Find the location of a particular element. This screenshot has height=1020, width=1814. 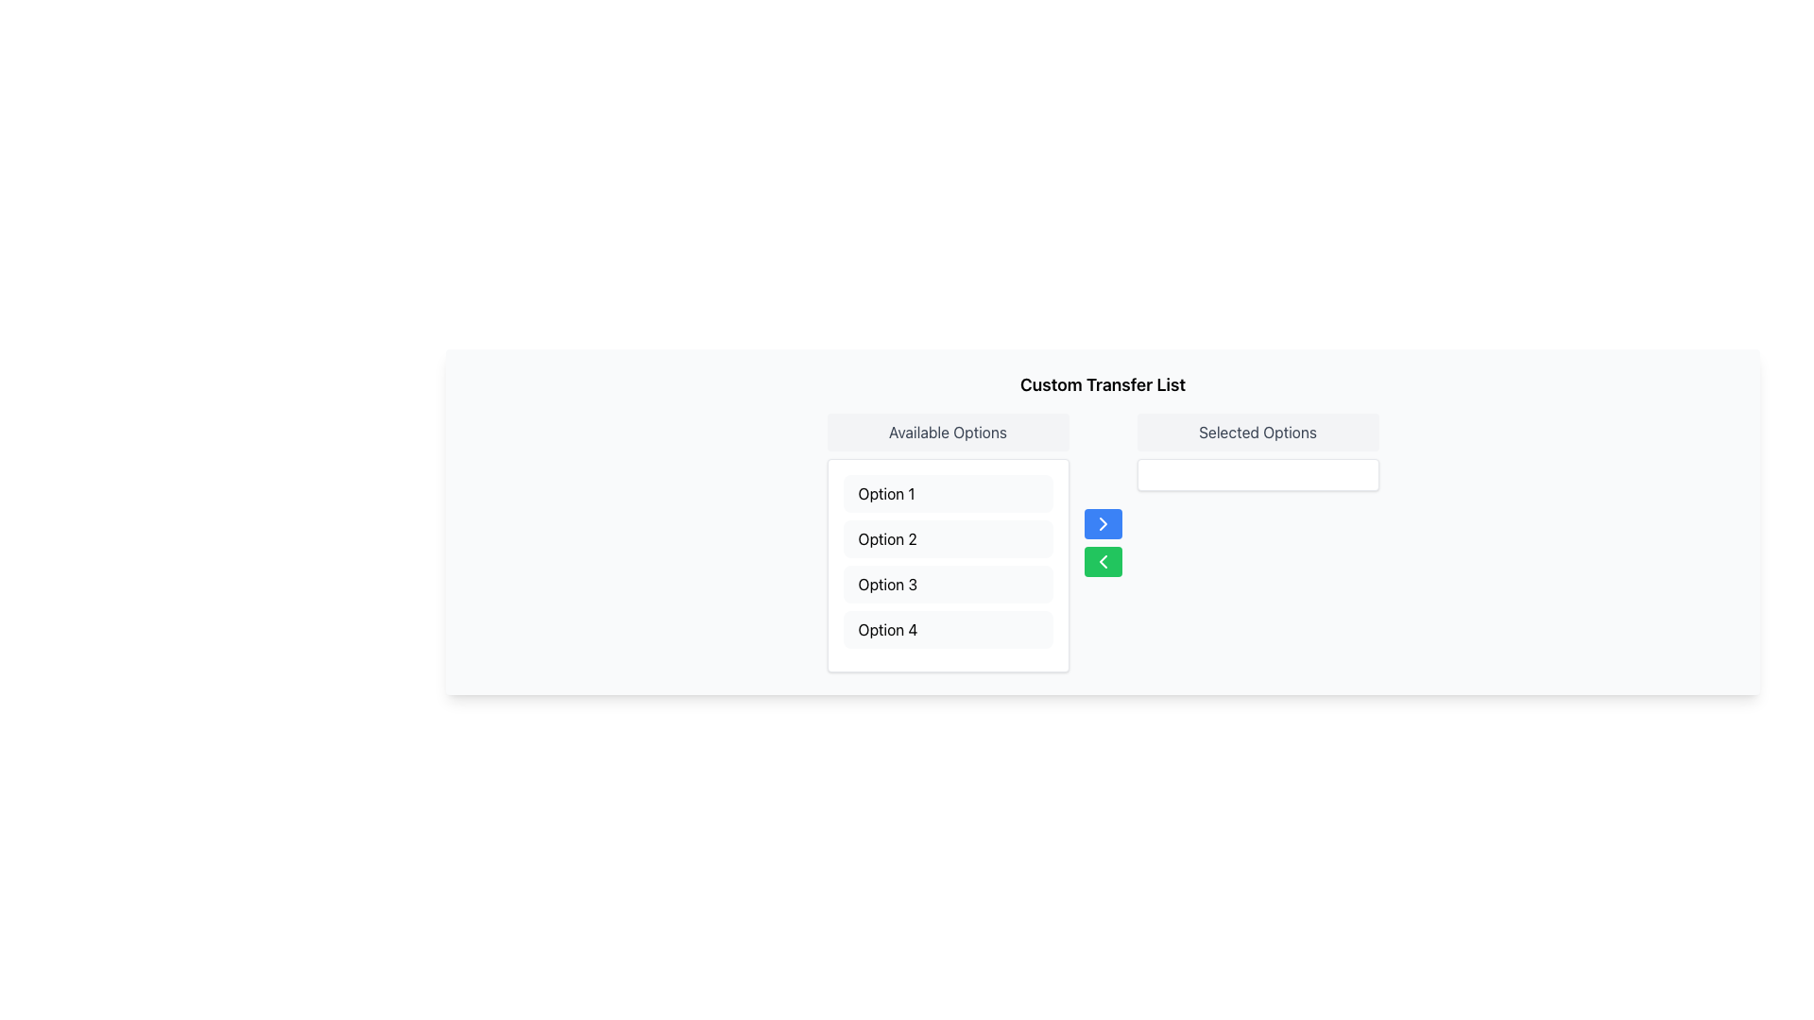

the transfer icon located within the blue rectangular button between the 'Available Options' and 'Selected Options' sections is located at coordinates (1103, 524).